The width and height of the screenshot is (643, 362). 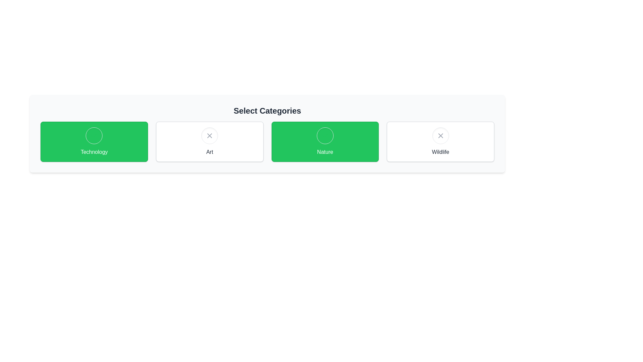 What do you see at coordinates (325, 141) in the screenshot?
I see `the category chip labeled Nature` at bounding box center [325, 141].